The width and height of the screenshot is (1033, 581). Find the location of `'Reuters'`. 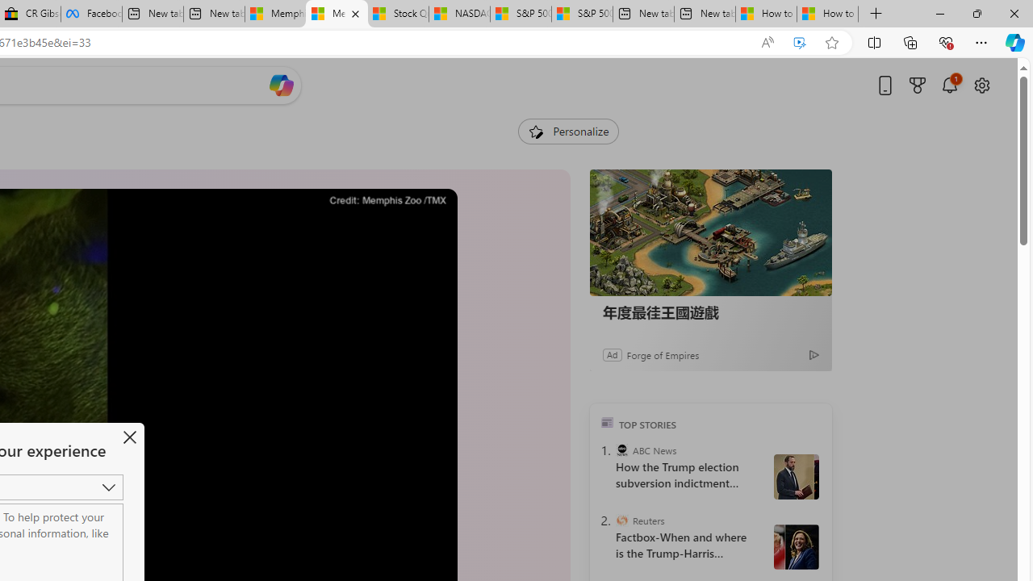

'Reuters' is located at coordinates (621, 520).